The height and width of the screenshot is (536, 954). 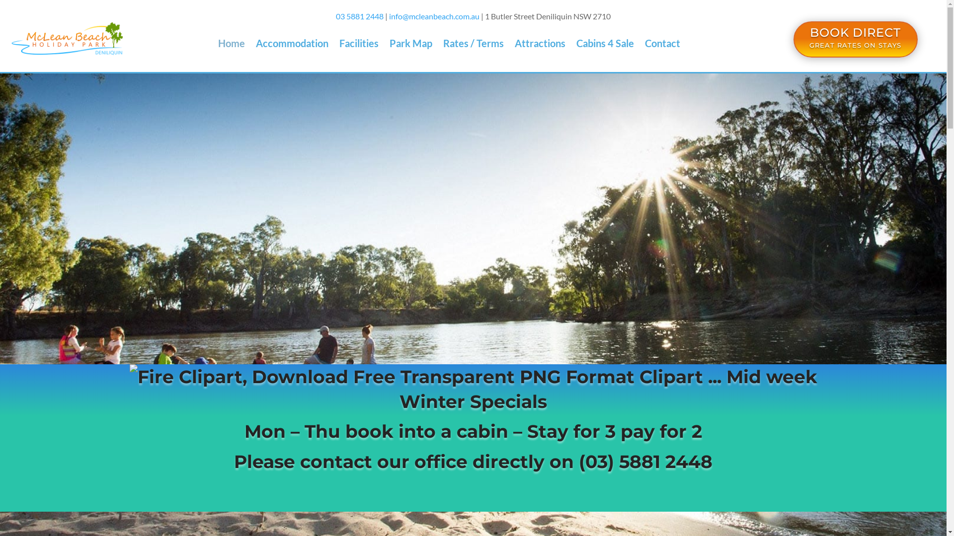 What do you see at coordinates (359, 16) in the screenshot?
I see `'03 5881 2448'` at bounding box center [359, 16].